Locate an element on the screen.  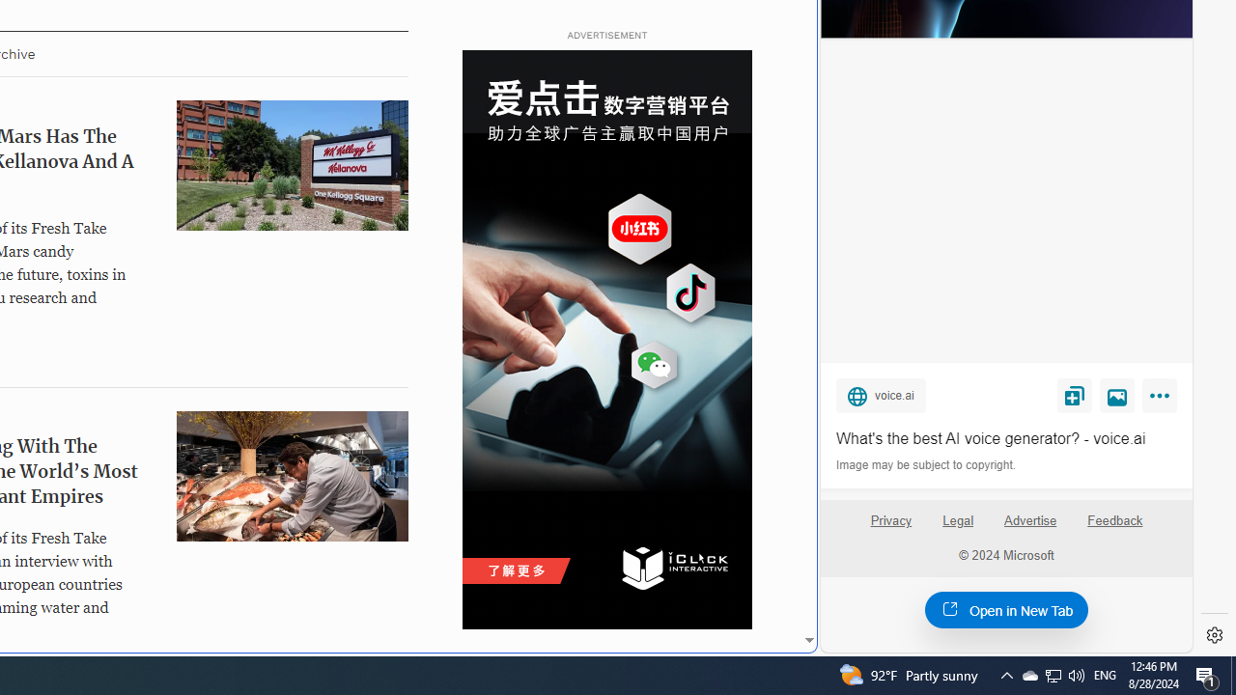
'Legal' is located at coordinates (958, 519).